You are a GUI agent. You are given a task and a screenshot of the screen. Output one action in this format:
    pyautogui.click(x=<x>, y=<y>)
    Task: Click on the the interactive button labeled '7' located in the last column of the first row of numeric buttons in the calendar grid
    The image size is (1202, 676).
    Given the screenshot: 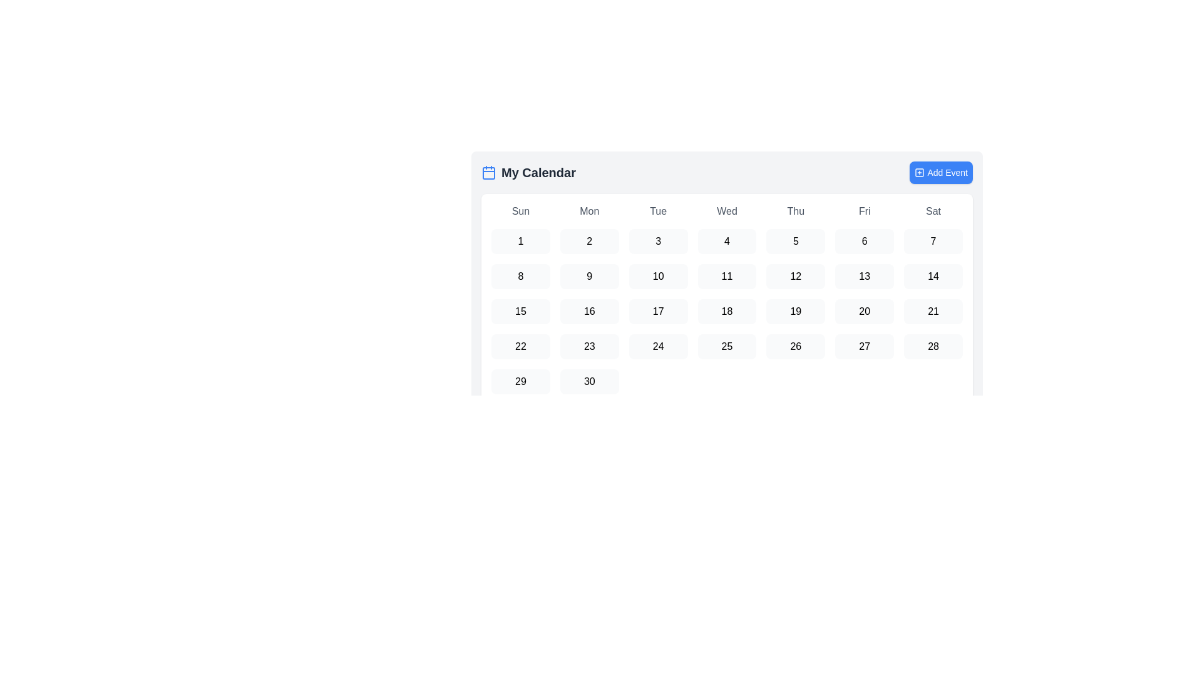 What is the action you would take?
    pyautogui.click(x=933, y=241)
    